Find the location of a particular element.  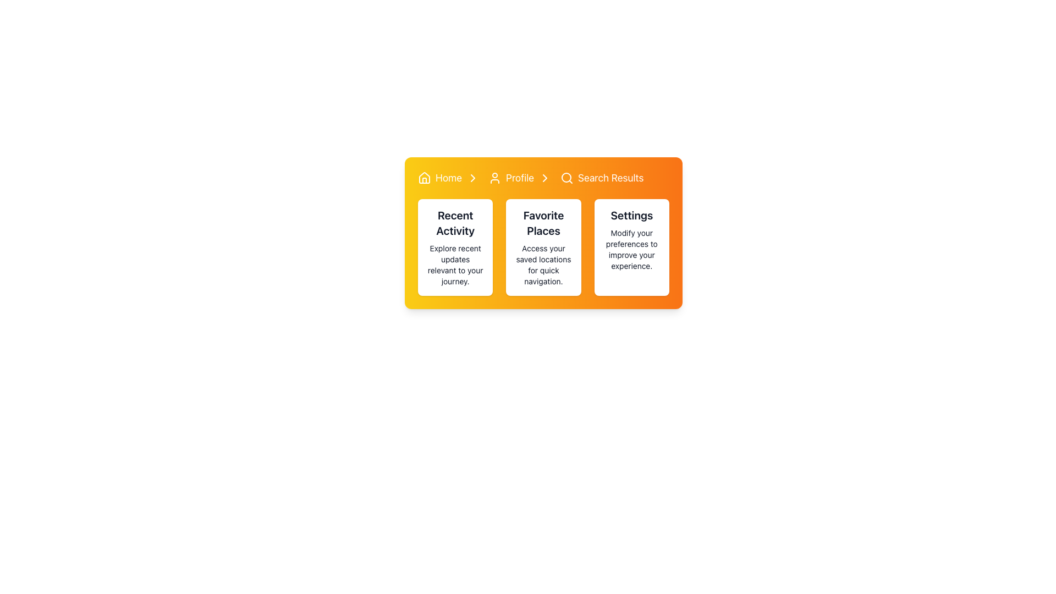

the text label that says 'Access your saved locations for quick navigation.' which is located underneath the heading 'Favorite Places' in the middle card of three is located at coordinates (543, 265).